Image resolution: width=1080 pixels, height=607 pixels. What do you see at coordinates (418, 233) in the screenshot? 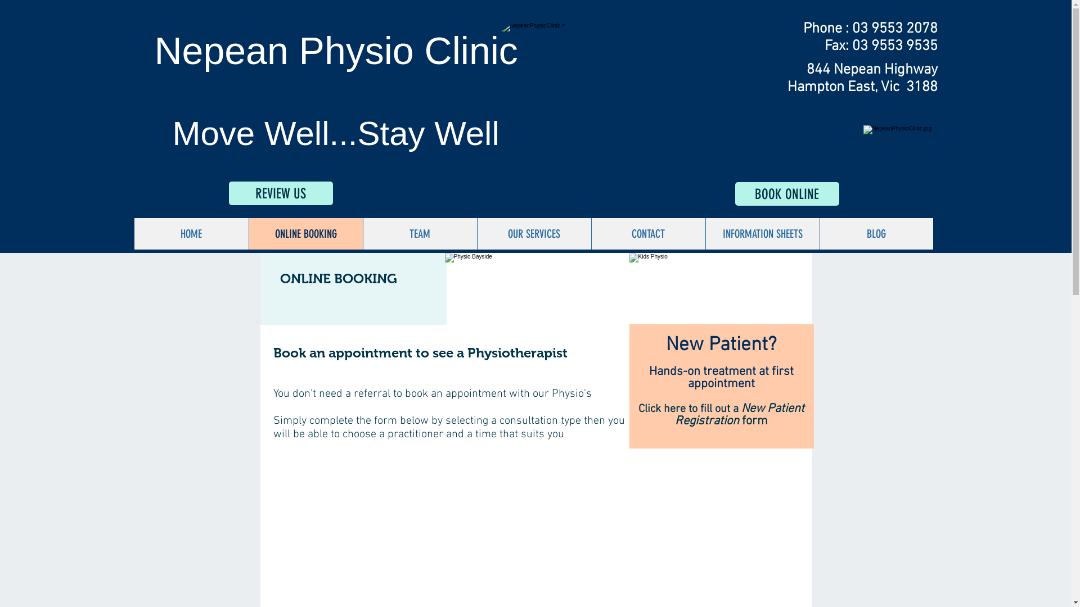
I see `'TEAM'` at bounding box center [418, 233].